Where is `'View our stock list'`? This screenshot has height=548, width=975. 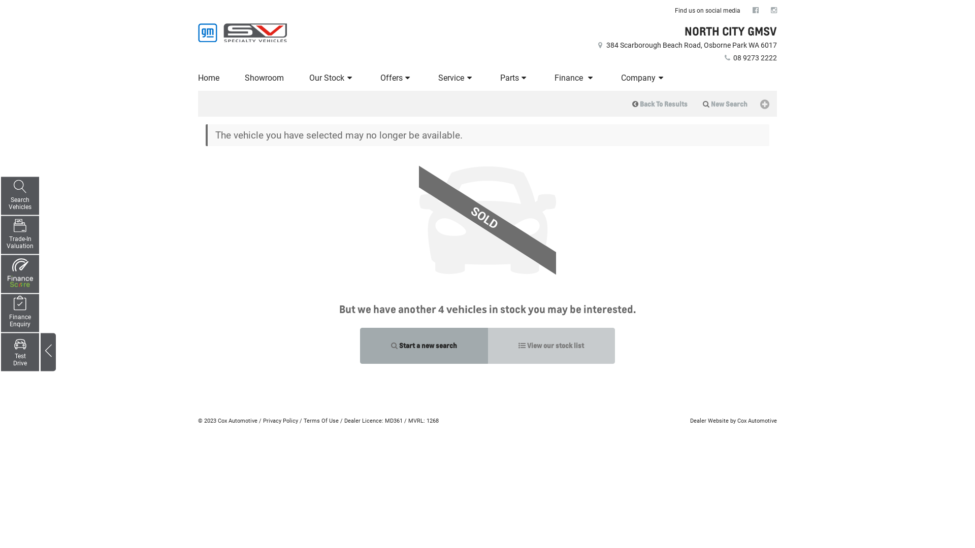
'View our stock list' is located at coordinates (550, 345).